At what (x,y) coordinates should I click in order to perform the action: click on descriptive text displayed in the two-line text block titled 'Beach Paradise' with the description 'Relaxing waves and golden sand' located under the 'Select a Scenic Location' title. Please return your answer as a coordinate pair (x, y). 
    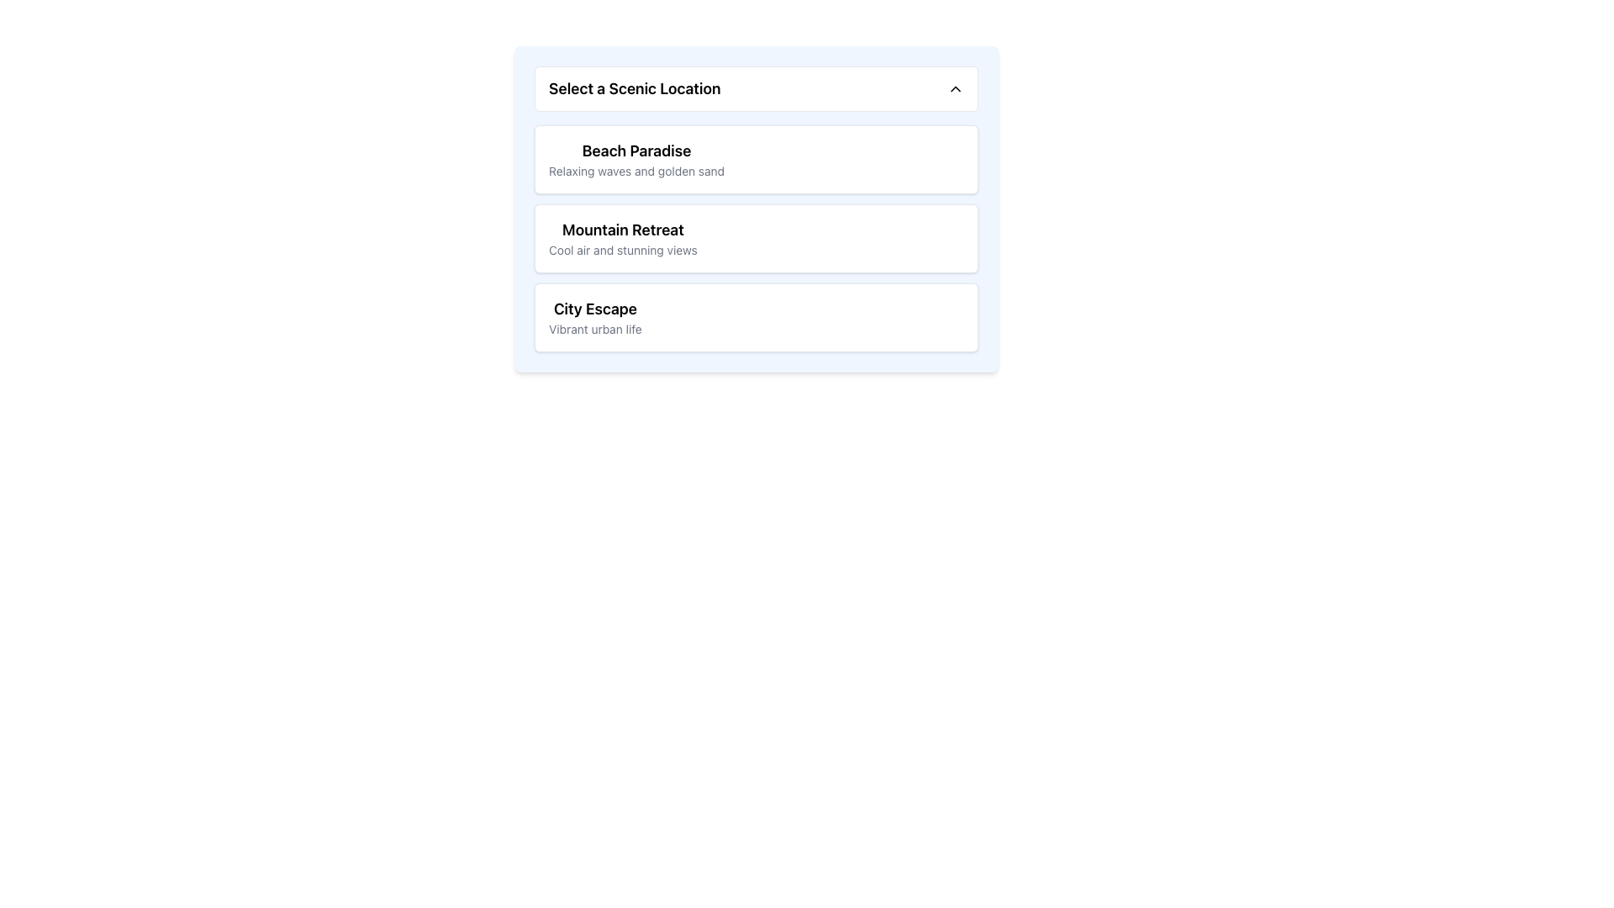
    Looking at the image, I should click on (636, 159).